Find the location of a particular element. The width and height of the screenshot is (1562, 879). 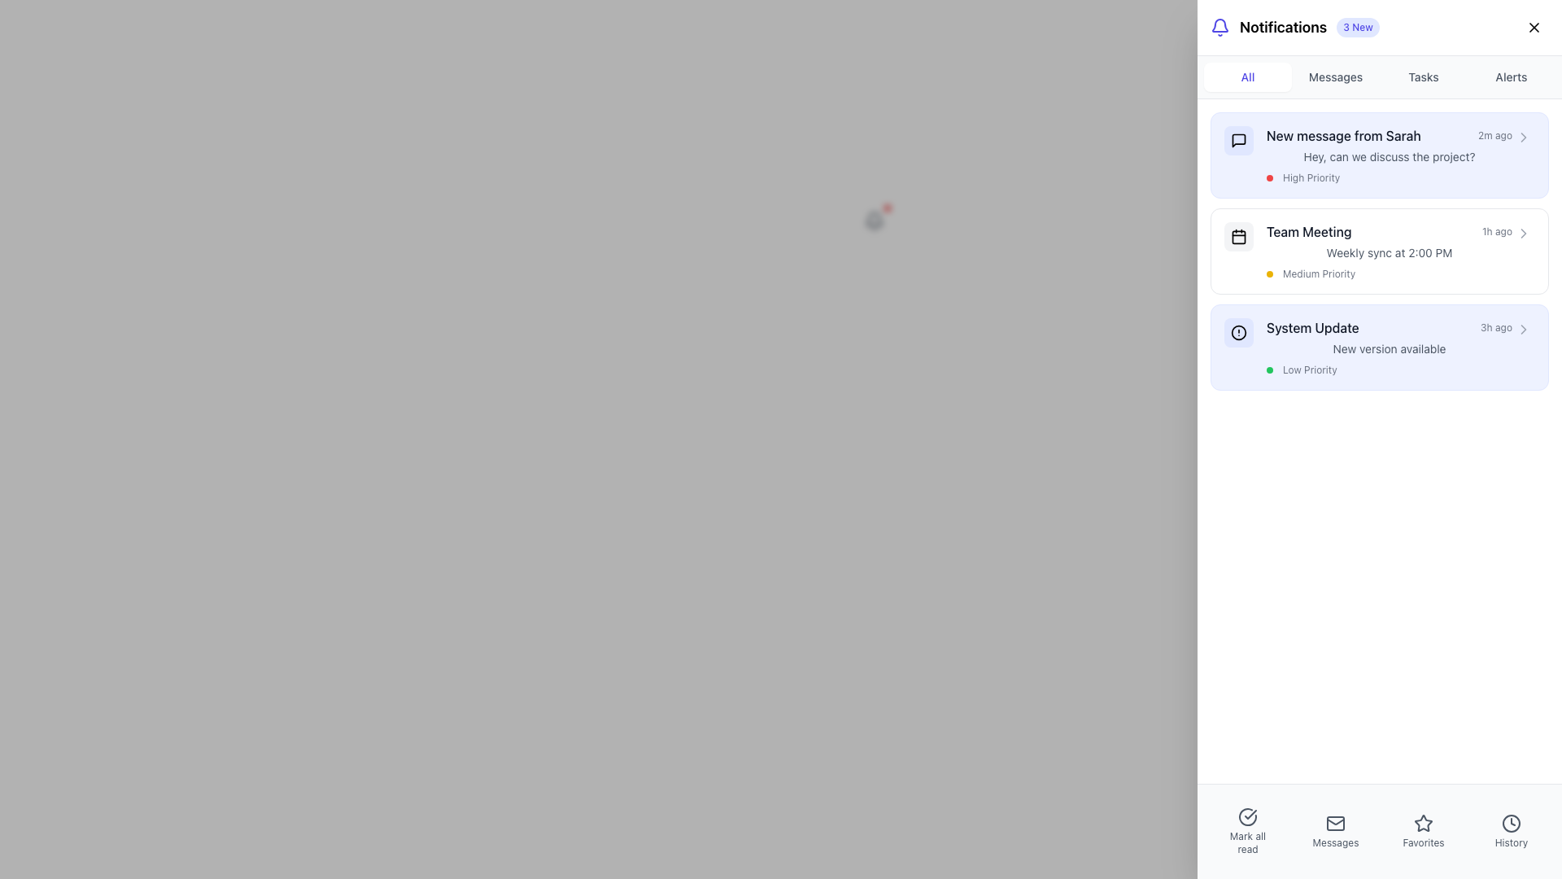

keyboard focus is located at coordinates (1237, 140).